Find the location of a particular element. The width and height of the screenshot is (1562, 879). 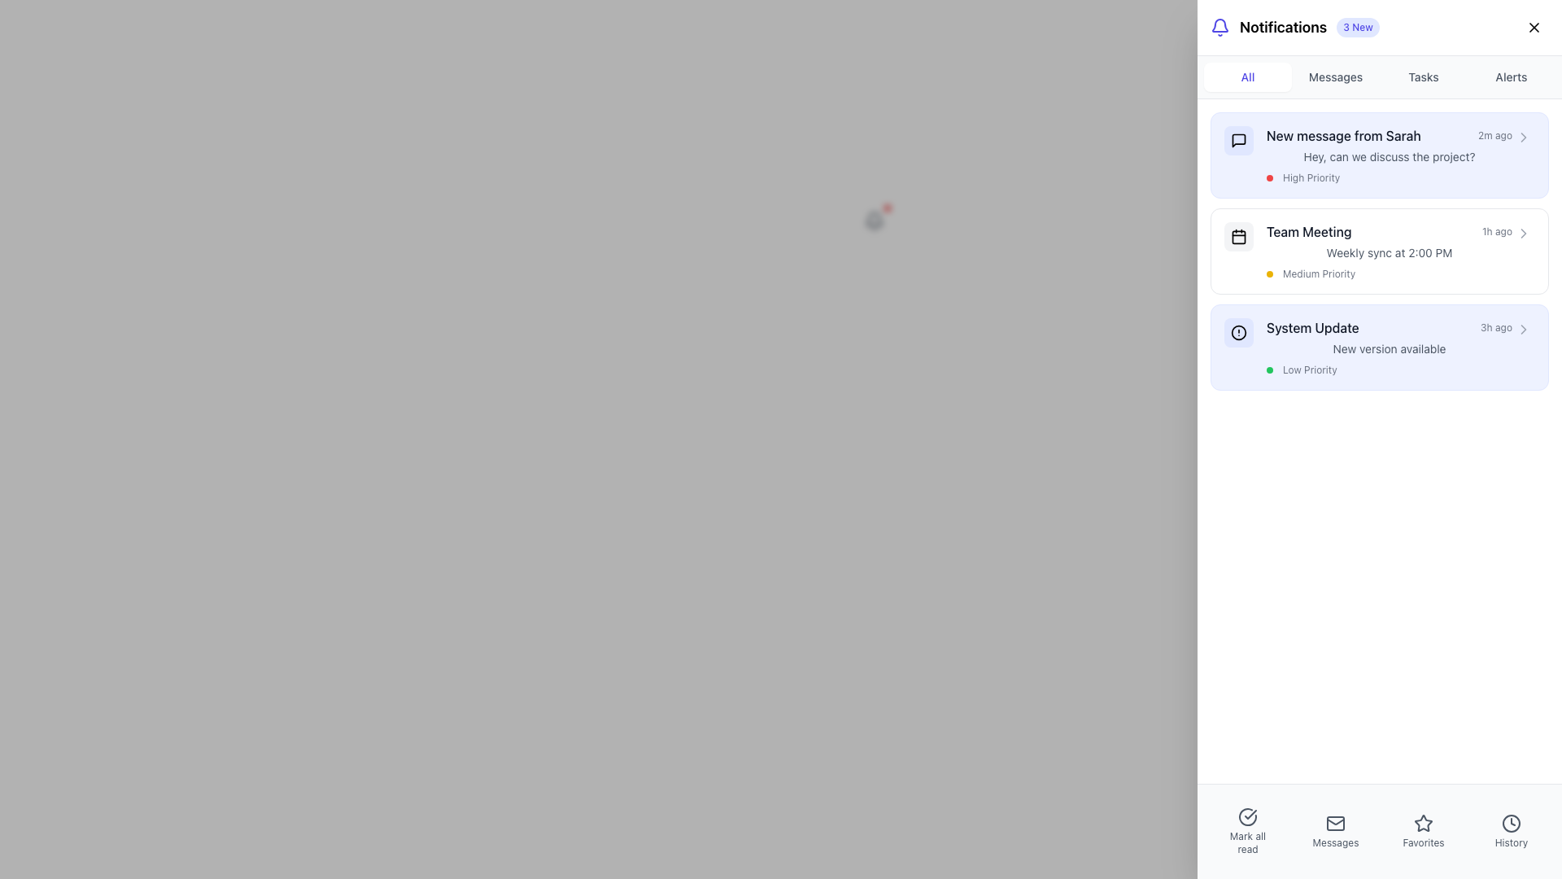

keyboard focus is located at coordinates (1237, 140).